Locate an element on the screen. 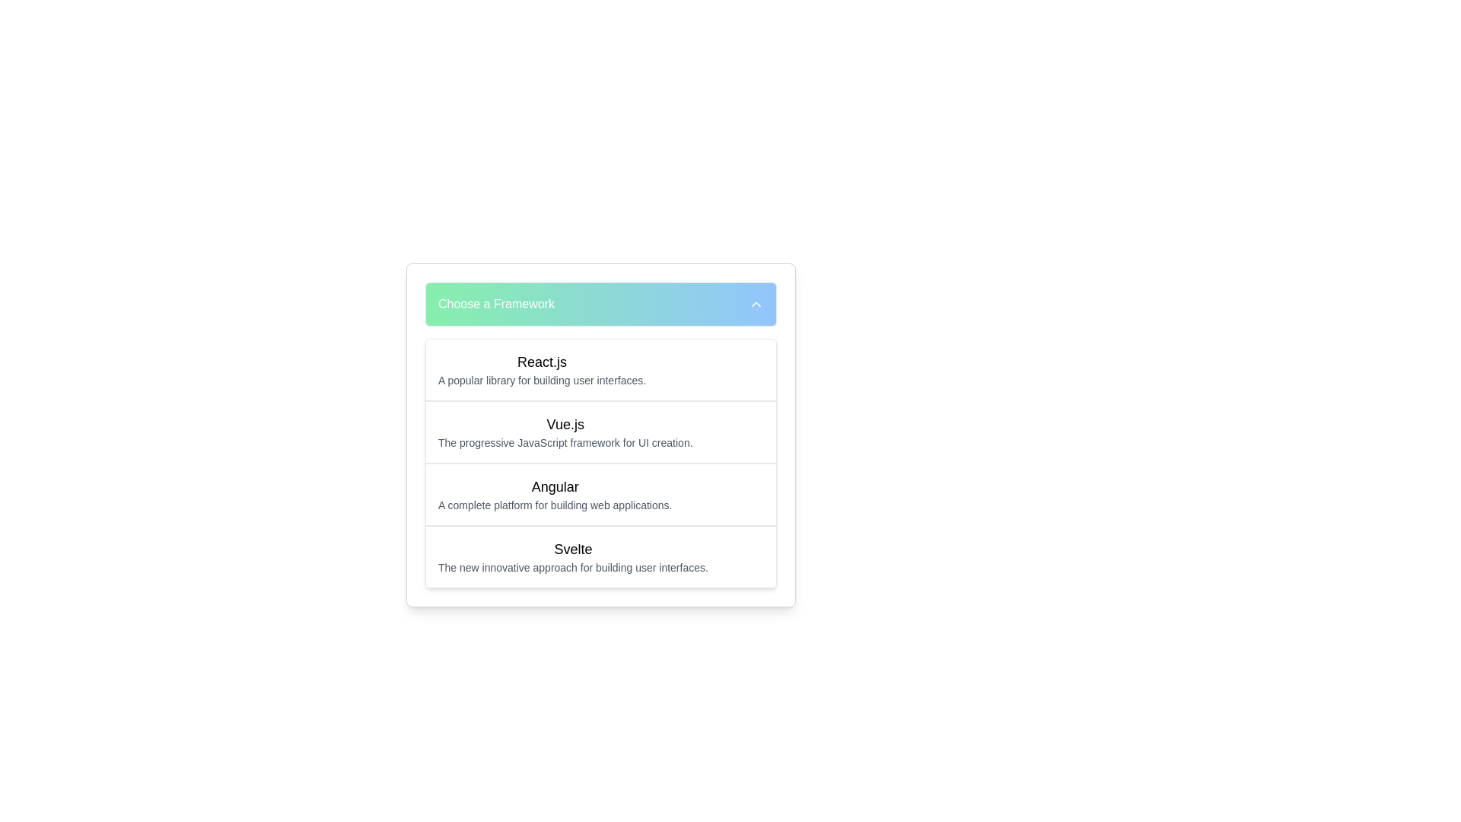  the text label reading 'React.js' that is styled bold and larger than surrounding text, positioned at the top of the list of frameworks in the 'Choose a Framework' panel is located at coordinates (542, 362).